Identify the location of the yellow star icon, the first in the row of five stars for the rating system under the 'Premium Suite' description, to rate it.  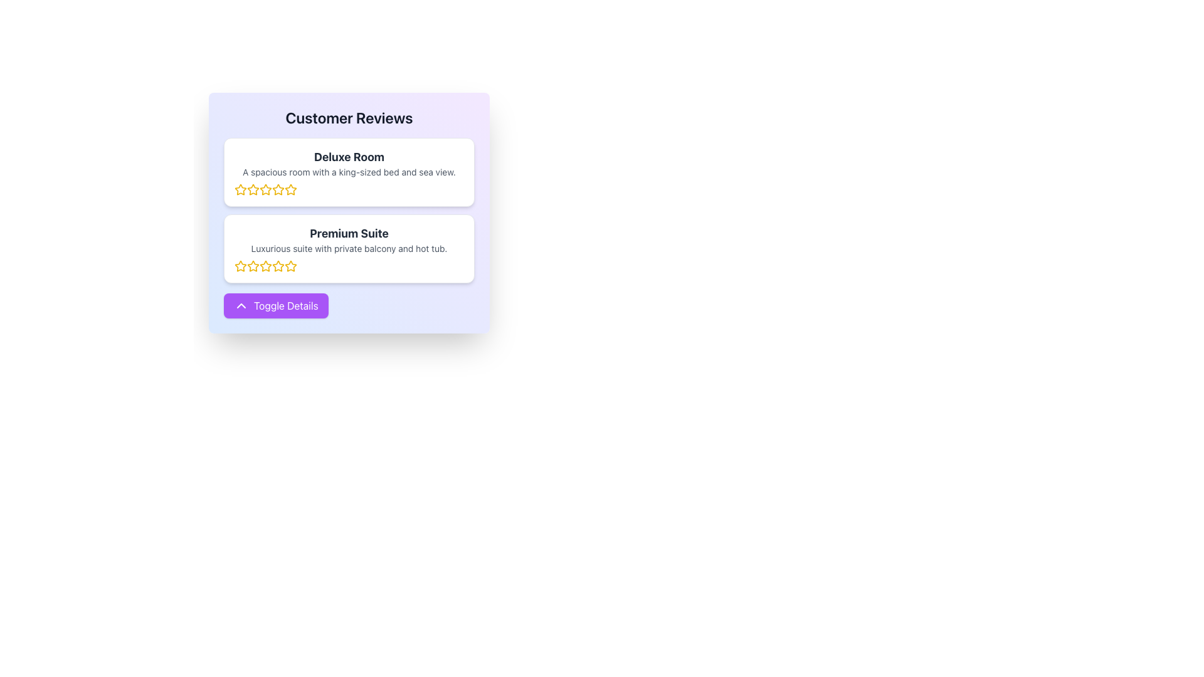
(241, 265).